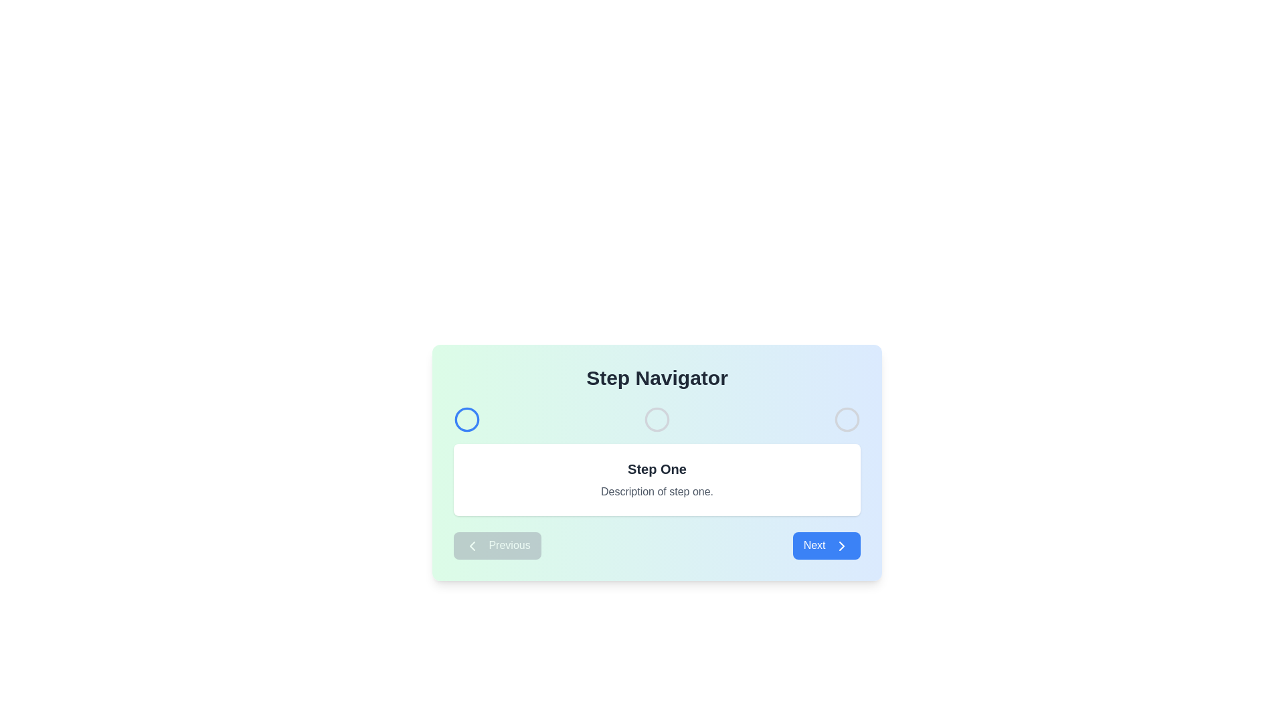  Describe the element at coordinates (847, 419) in the screenshot. I see `the third navigation circle in the 'Step Navigator'` at that location.